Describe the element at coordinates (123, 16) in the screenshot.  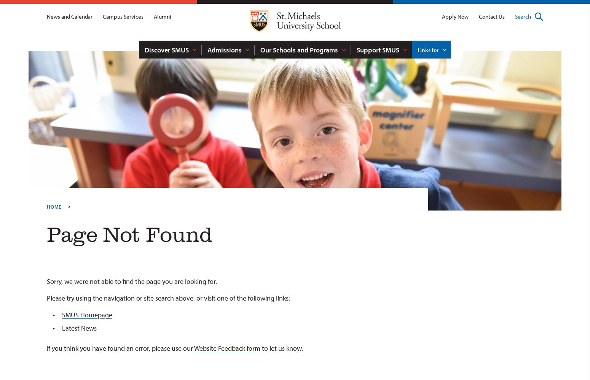
I see `'Campus Services'` at that location.